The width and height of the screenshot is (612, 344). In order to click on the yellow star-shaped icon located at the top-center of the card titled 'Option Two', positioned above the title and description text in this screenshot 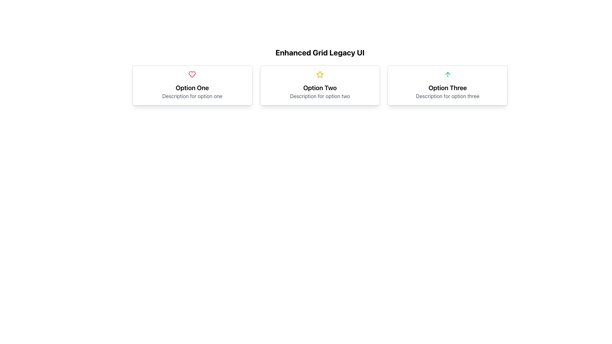, I will do `click(320, 74)`.